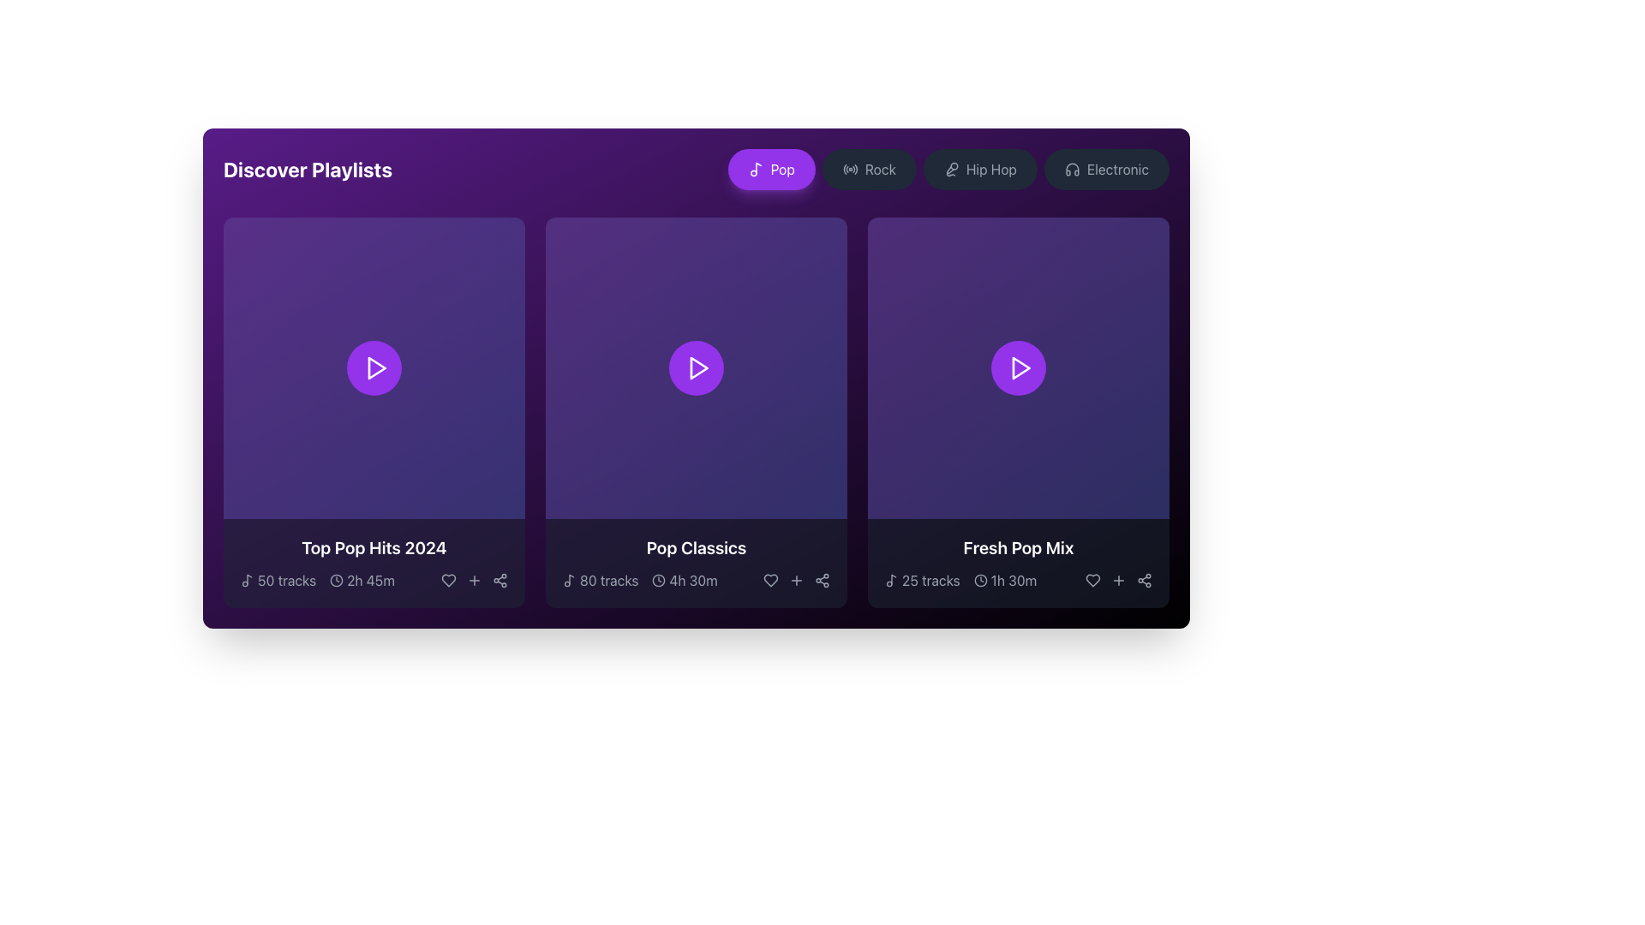 The width and height of the screenshot is (1645, 925). What do you see at coordinates (373, 580) in the screenshot?
I see `the informational display text containing icons for '50 tracks' and '2h 45m' located below the title 'Top Pop Hits 2024' in the bottom-left section of its card` at bounding box center [373, 580].